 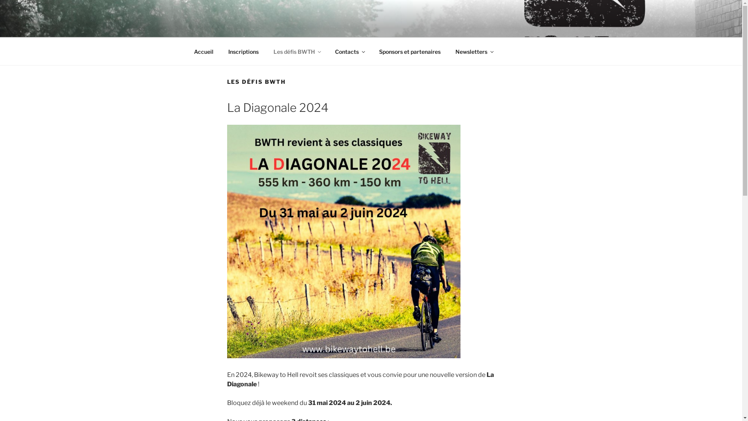 I want to click on 'Newsletters', so click(x=474, y=51).